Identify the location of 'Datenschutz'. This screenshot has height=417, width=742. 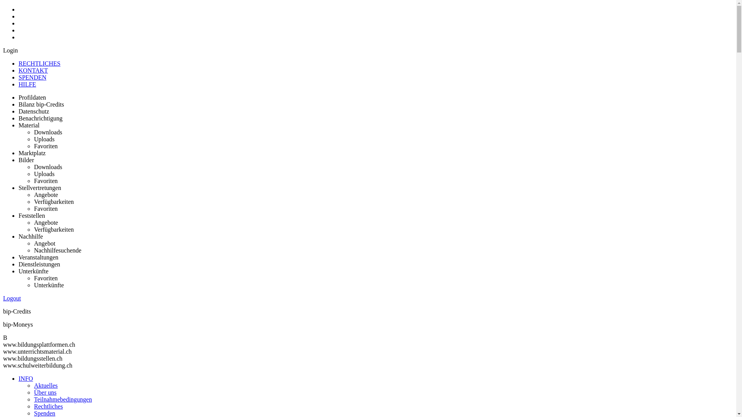
(33, 111).